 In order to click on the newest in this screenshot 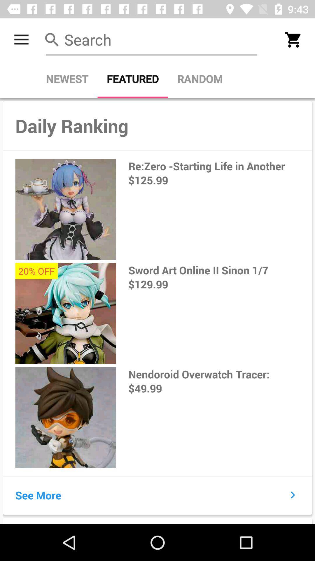, I will do `click(67, 79)`.